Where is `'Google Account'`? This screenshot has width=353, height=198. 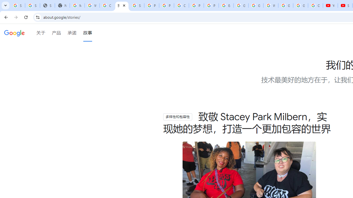
'Google Account' is located at coordinates (300, 5).